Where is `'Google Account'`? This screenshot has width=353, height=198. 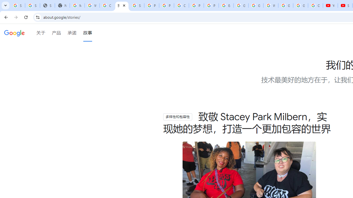
'Google Account' is located at coordinates (300, 5).